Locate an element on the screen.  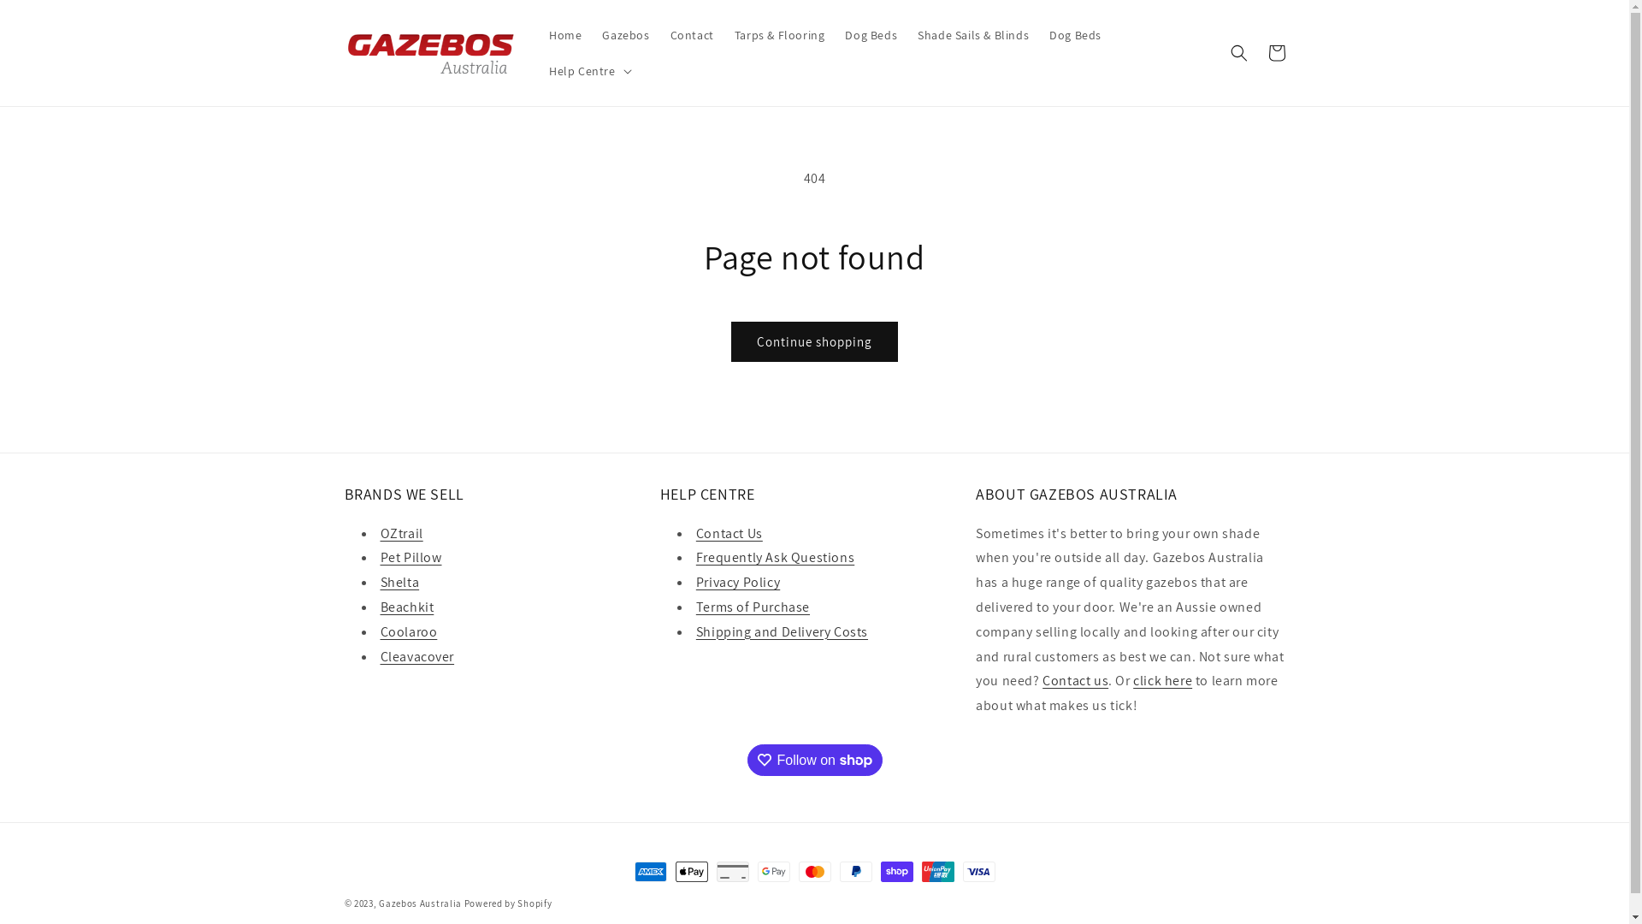
'click here' is located at coordinates (1162, 679).